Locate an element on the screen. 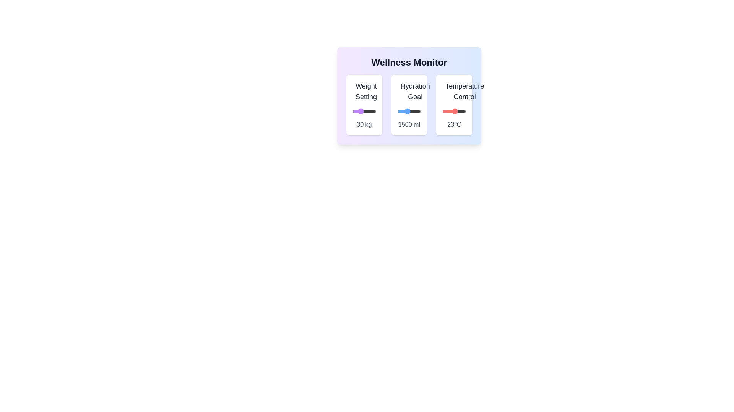  hydration goal is located at coordinates (401, 111).